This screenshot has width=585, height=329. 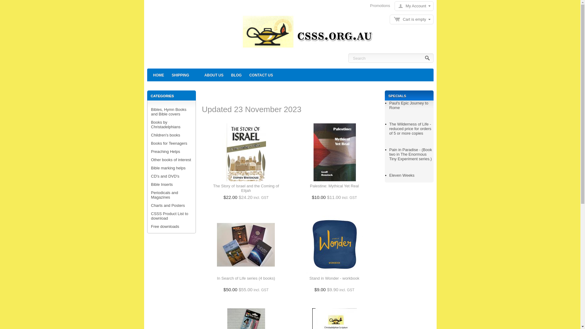 What do you see at coordinates (165, 195) in the screenshot?
I see `'Periodicals and Magazines'` at bounding box center [165, 195].